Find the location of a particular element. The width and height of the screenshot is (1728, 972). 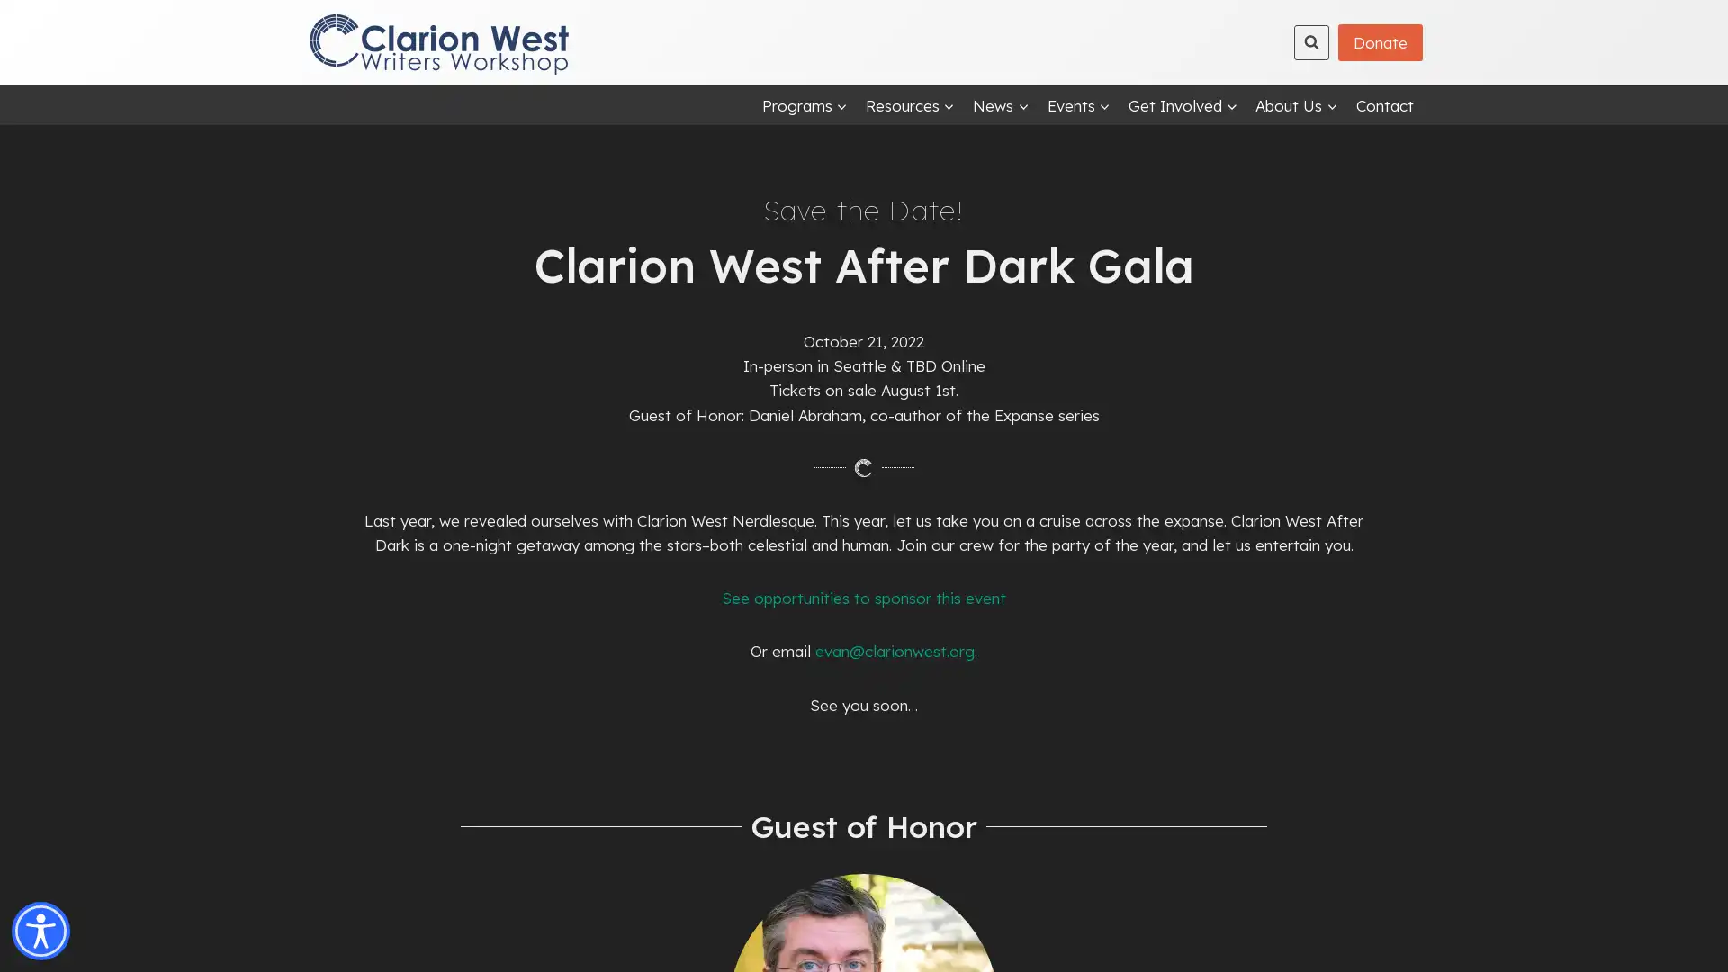

Expand child menu is located at coordinates (1078, 104).